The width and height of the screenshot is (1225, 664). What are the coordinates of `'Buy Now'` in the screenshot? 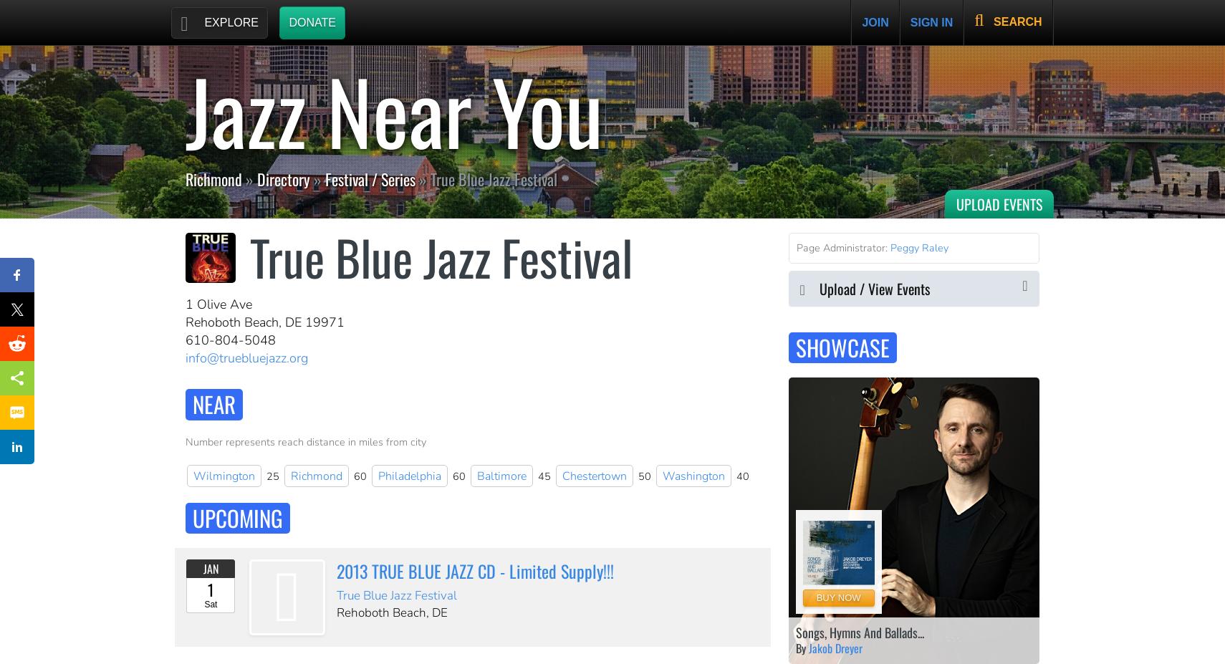 It's located at (837, 597).